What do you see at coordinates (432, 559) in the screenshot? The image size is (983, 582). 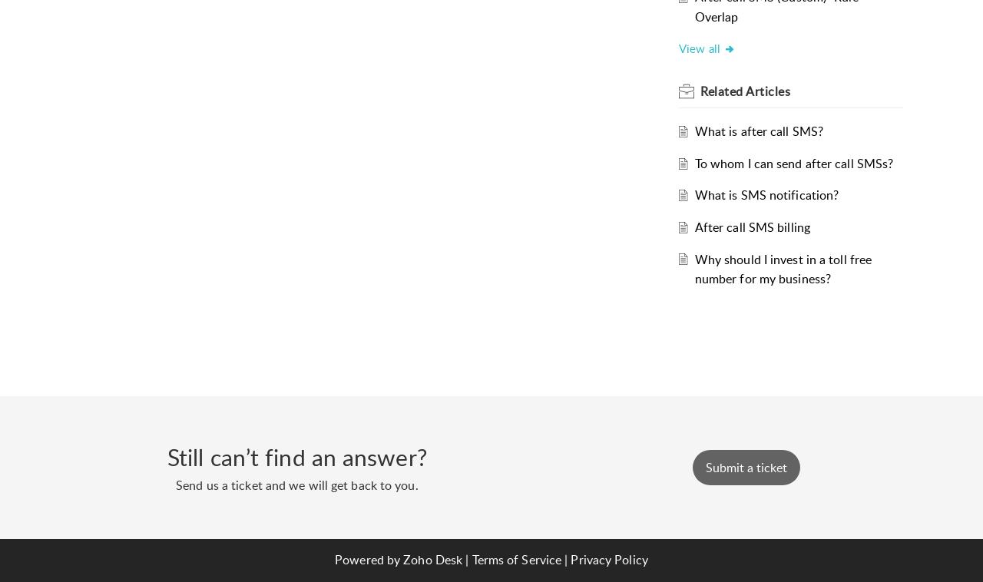 I see `'Zoho Desk'` at bounding box center [432, 559].